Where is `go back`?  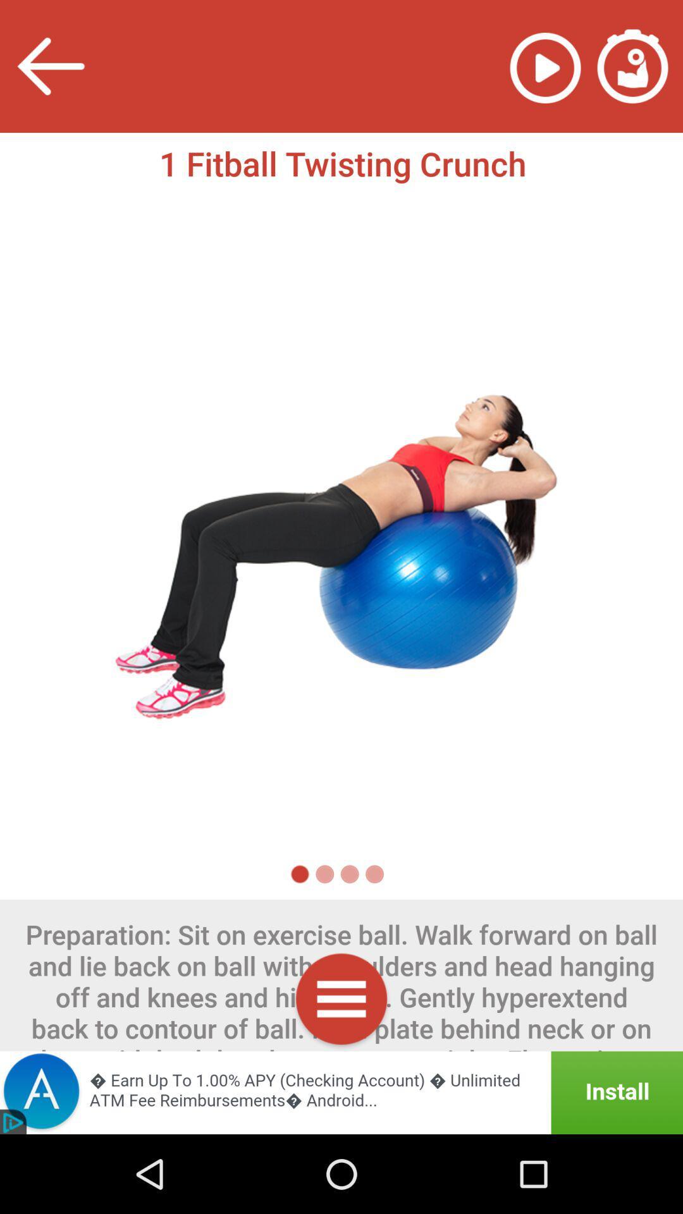
go back is located at coordinates (49, 66).